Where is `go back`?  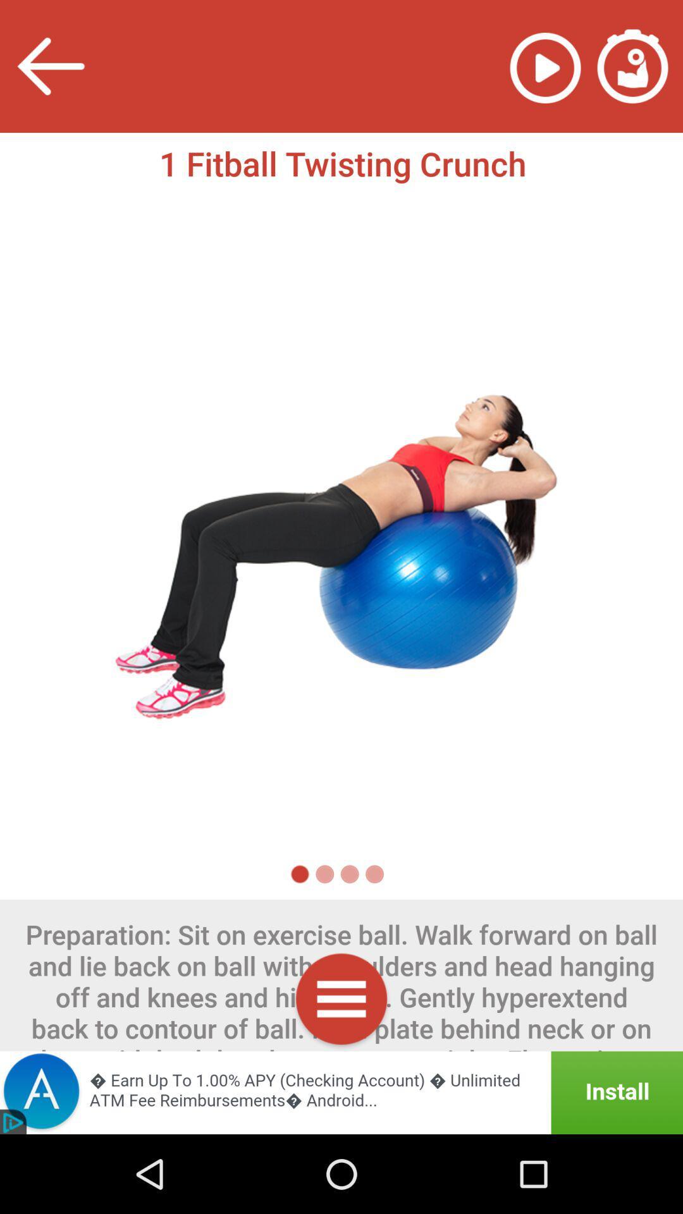
go back is located at coordinates (49, 66).